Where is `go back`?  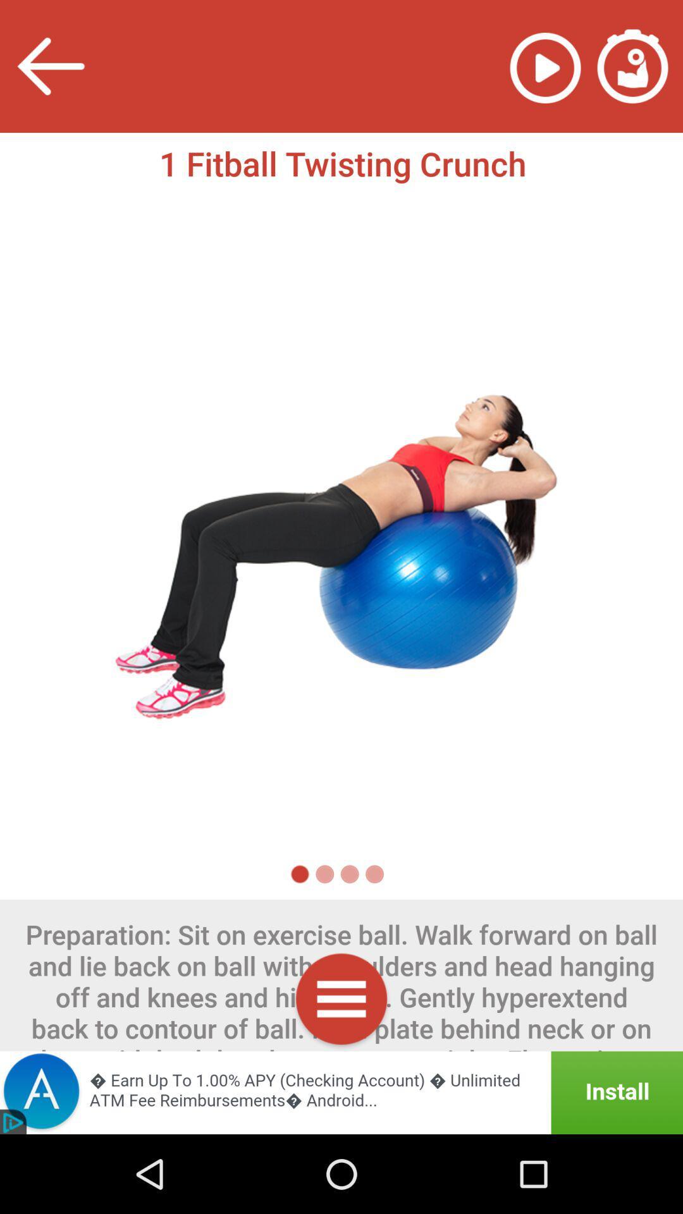
go back is located at coordinates (49, 66).